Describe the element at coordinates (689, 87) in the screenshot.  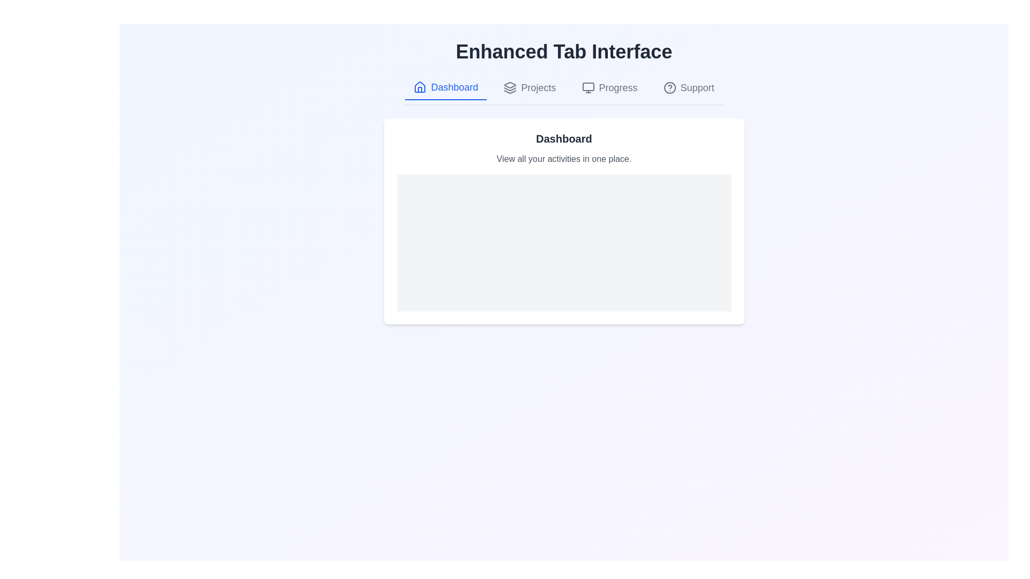
I see `the tab labeled Support to observe the hover effect` at that location.